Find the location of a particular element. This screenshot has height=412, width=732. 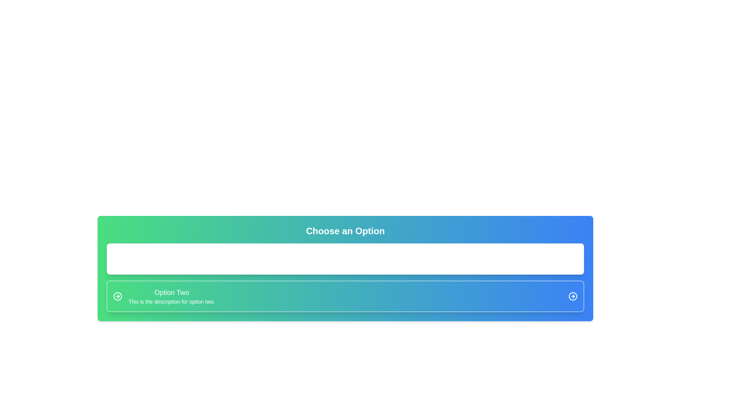

the SVG graphical element (circle) located in the lower-right corner of a menu option is located at coordinates (573, 296).